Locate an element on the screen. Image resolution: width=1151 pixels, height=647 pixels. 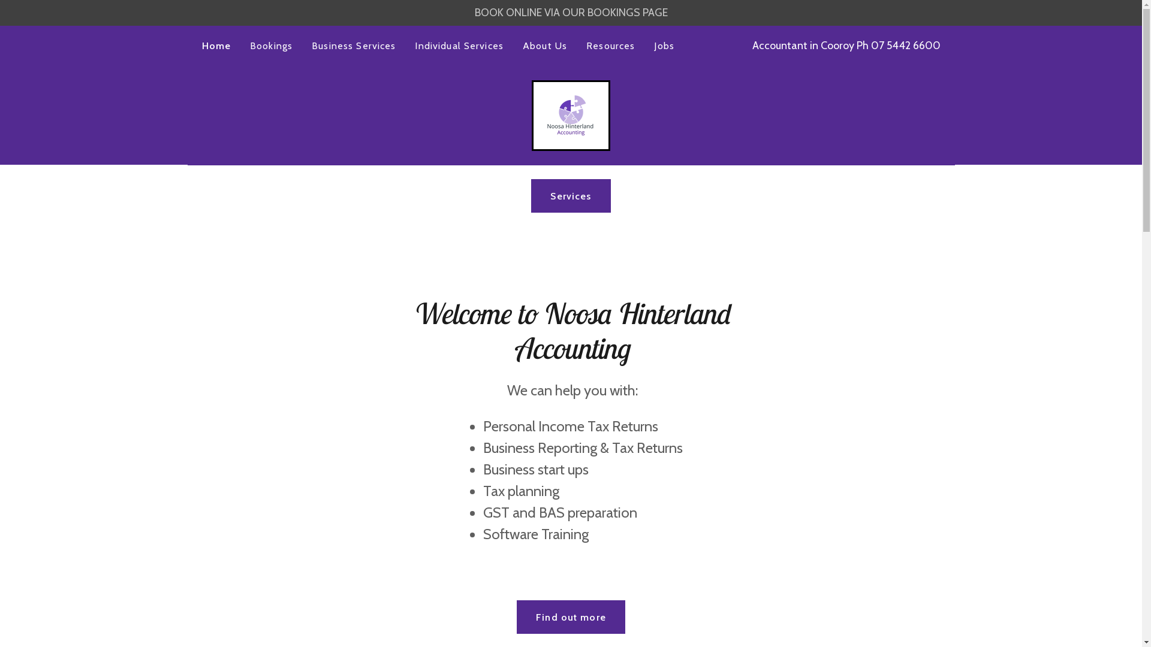
'About Us' is located at coordinates (544, 45).